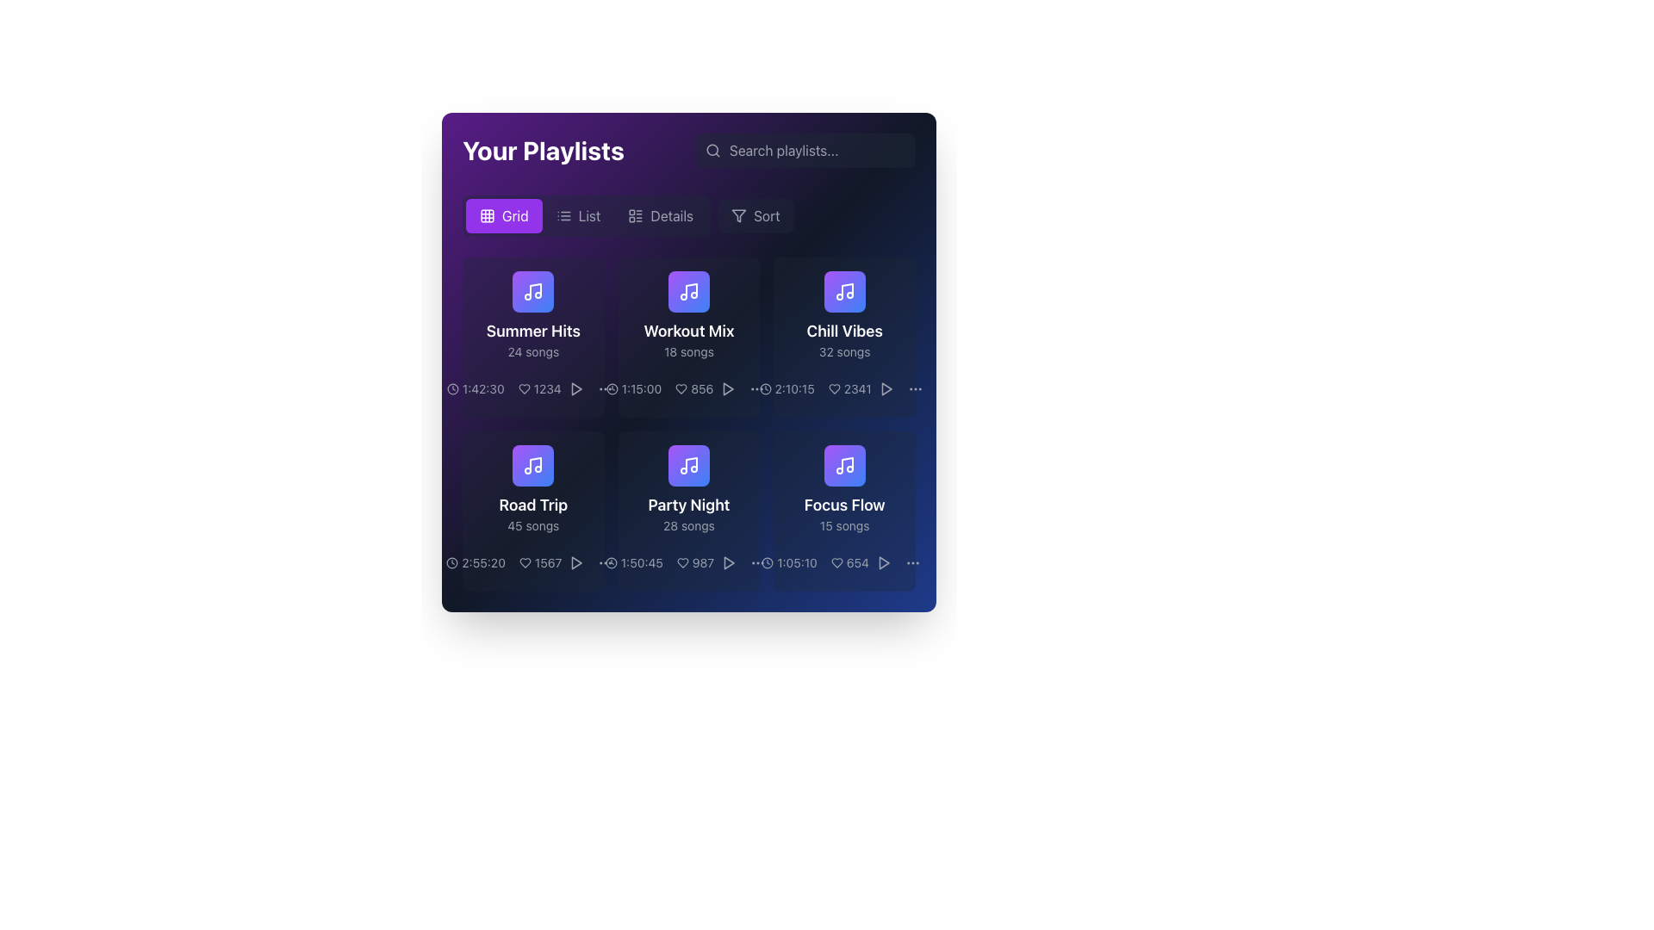 This screenshot has width=1654, height=930. What do you see at coordinates (452, 388) in the screenshot?
I see `the small clock icon, which is the leftmost icon under the title 'Summer Hits' in the playlist cards area` at bounding box center [452, 388].